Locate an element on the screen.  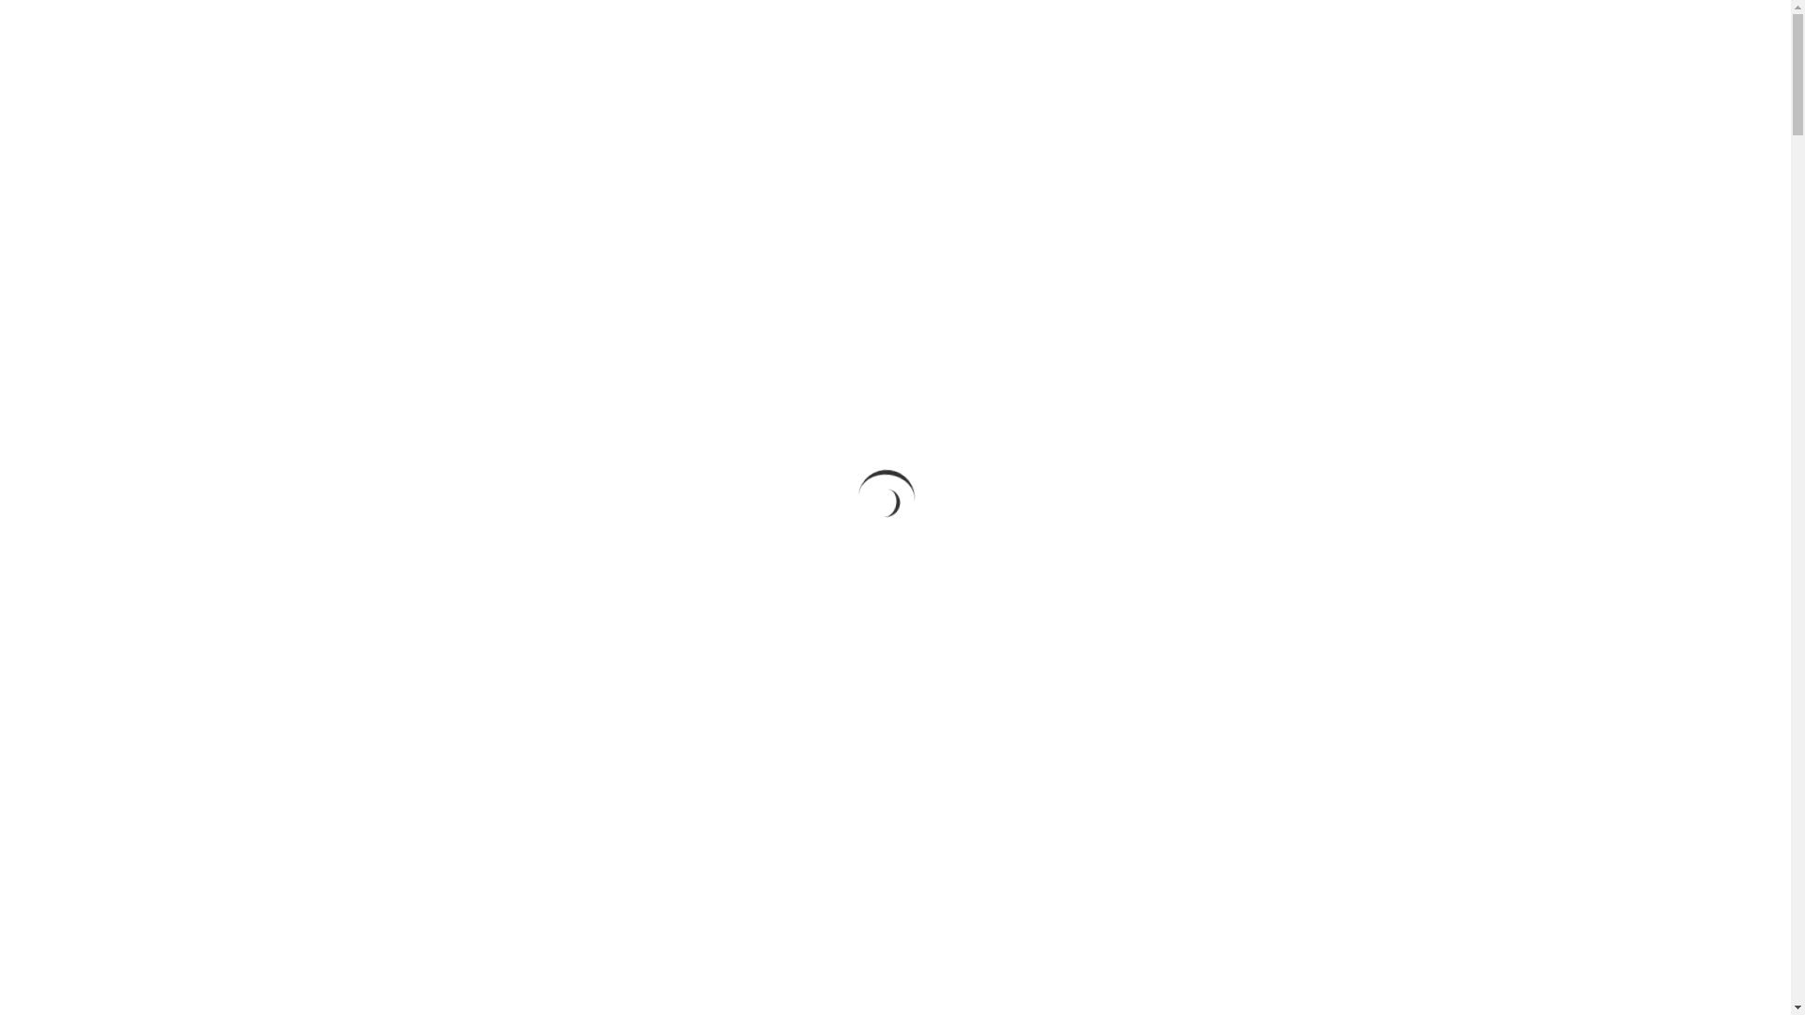
'READ MORE' is located at coordinates (894, 520).